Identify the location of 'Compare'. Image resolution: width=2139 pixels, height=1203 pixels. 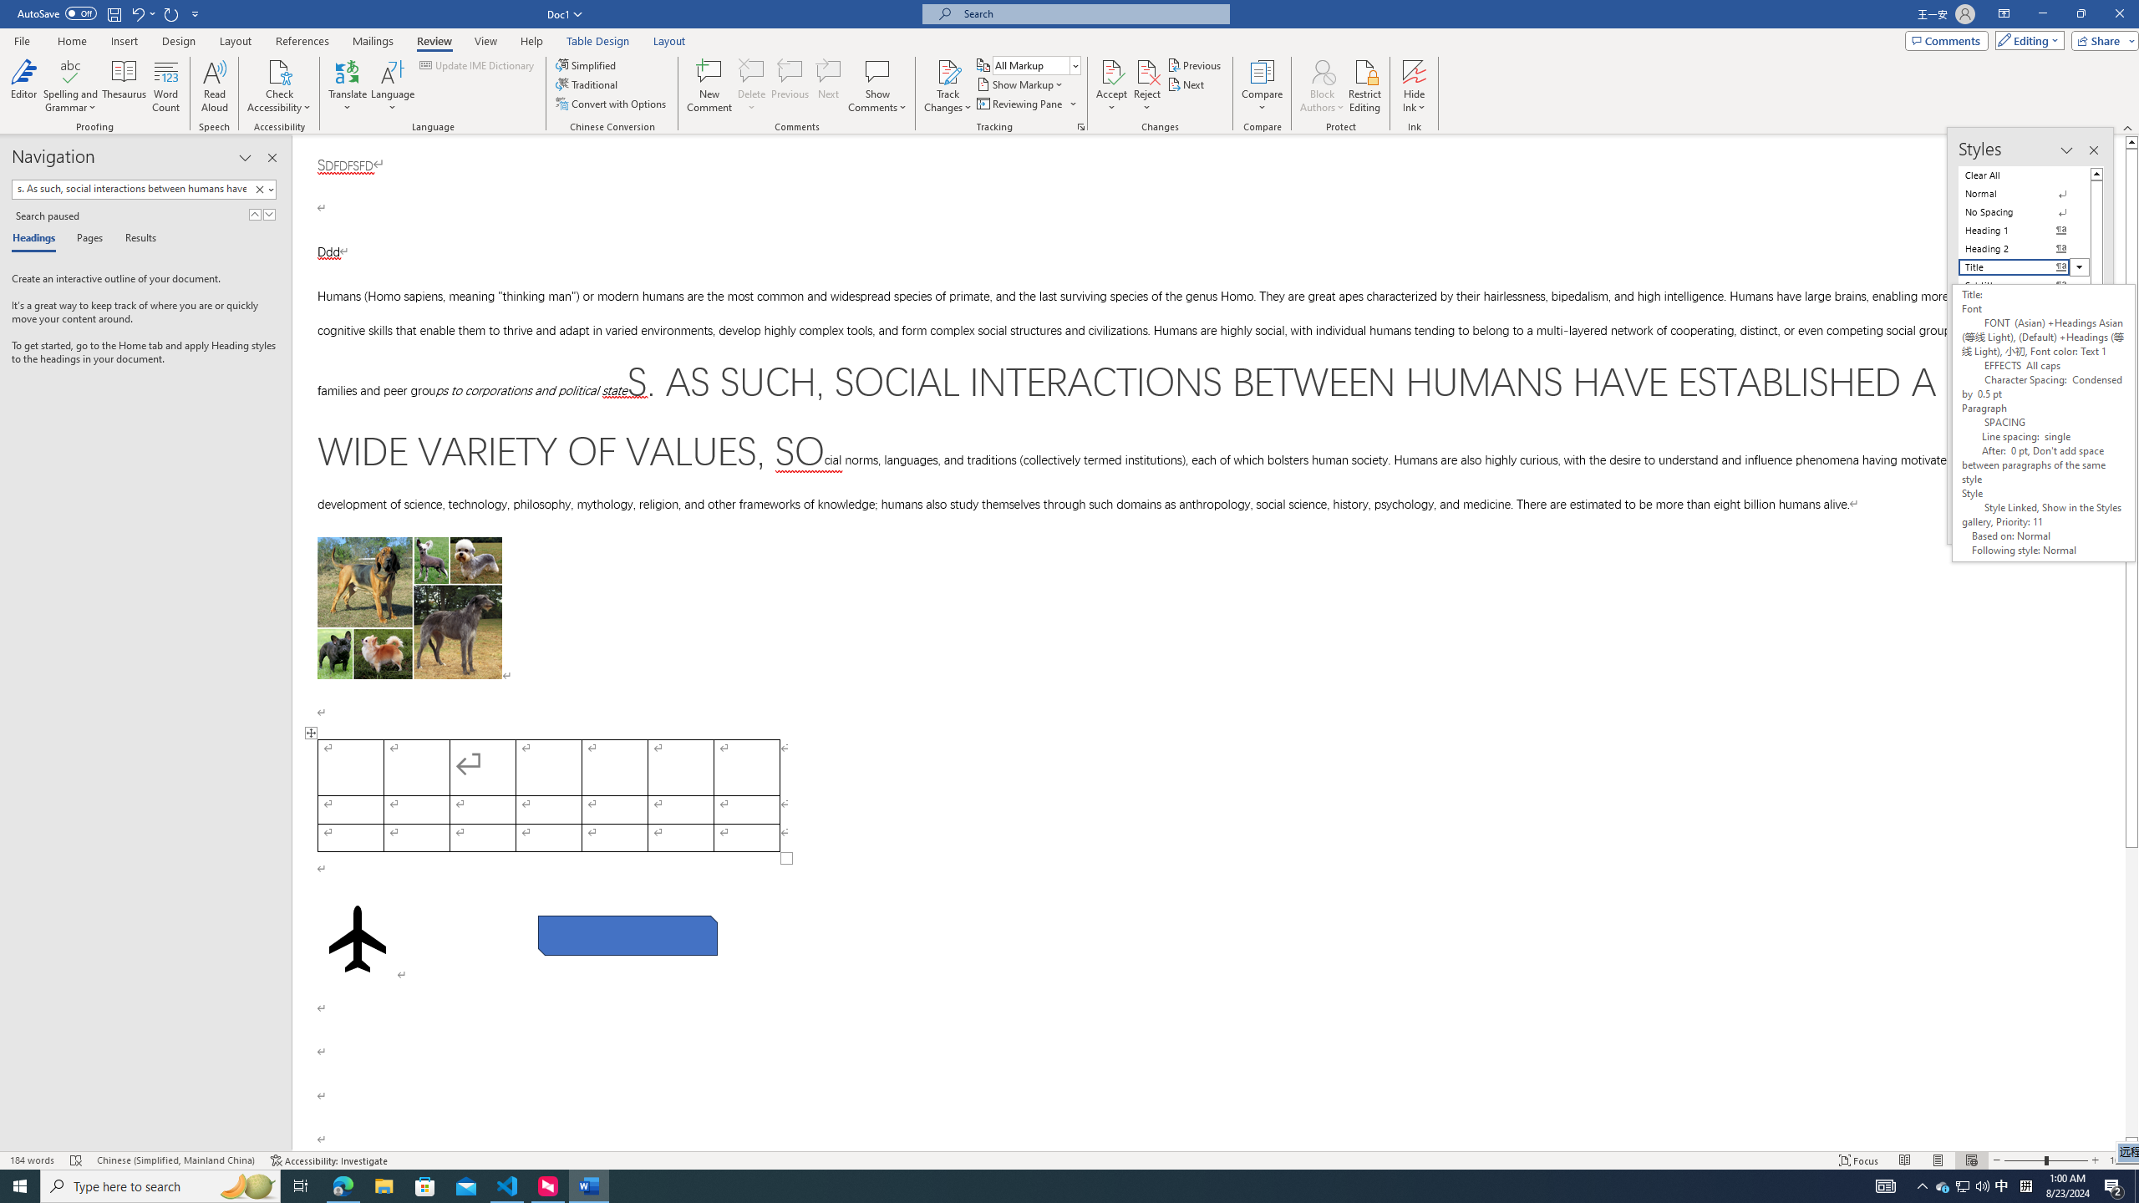
(1263, 86).